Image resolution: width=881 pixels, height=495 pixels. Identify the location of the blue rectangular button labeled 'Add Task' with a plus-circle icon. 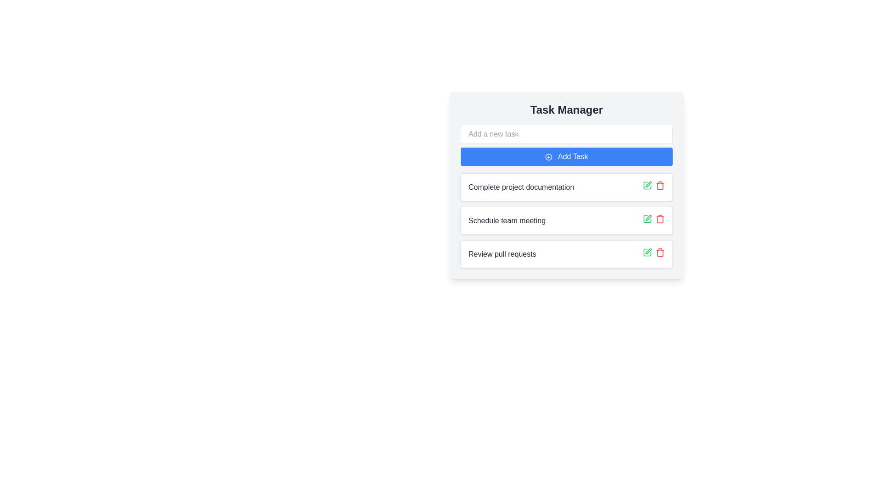
(566, 156).